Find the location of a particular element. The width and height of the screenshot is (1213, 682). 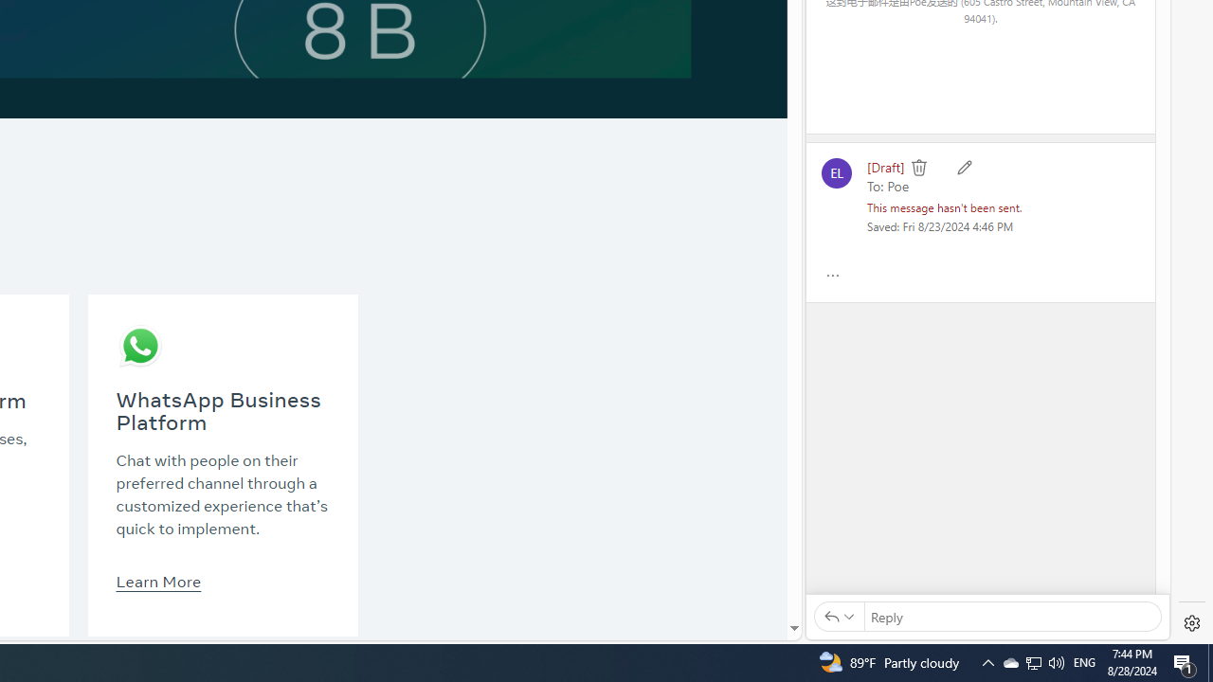

'Learn More' is located at coordinates (158, 580).